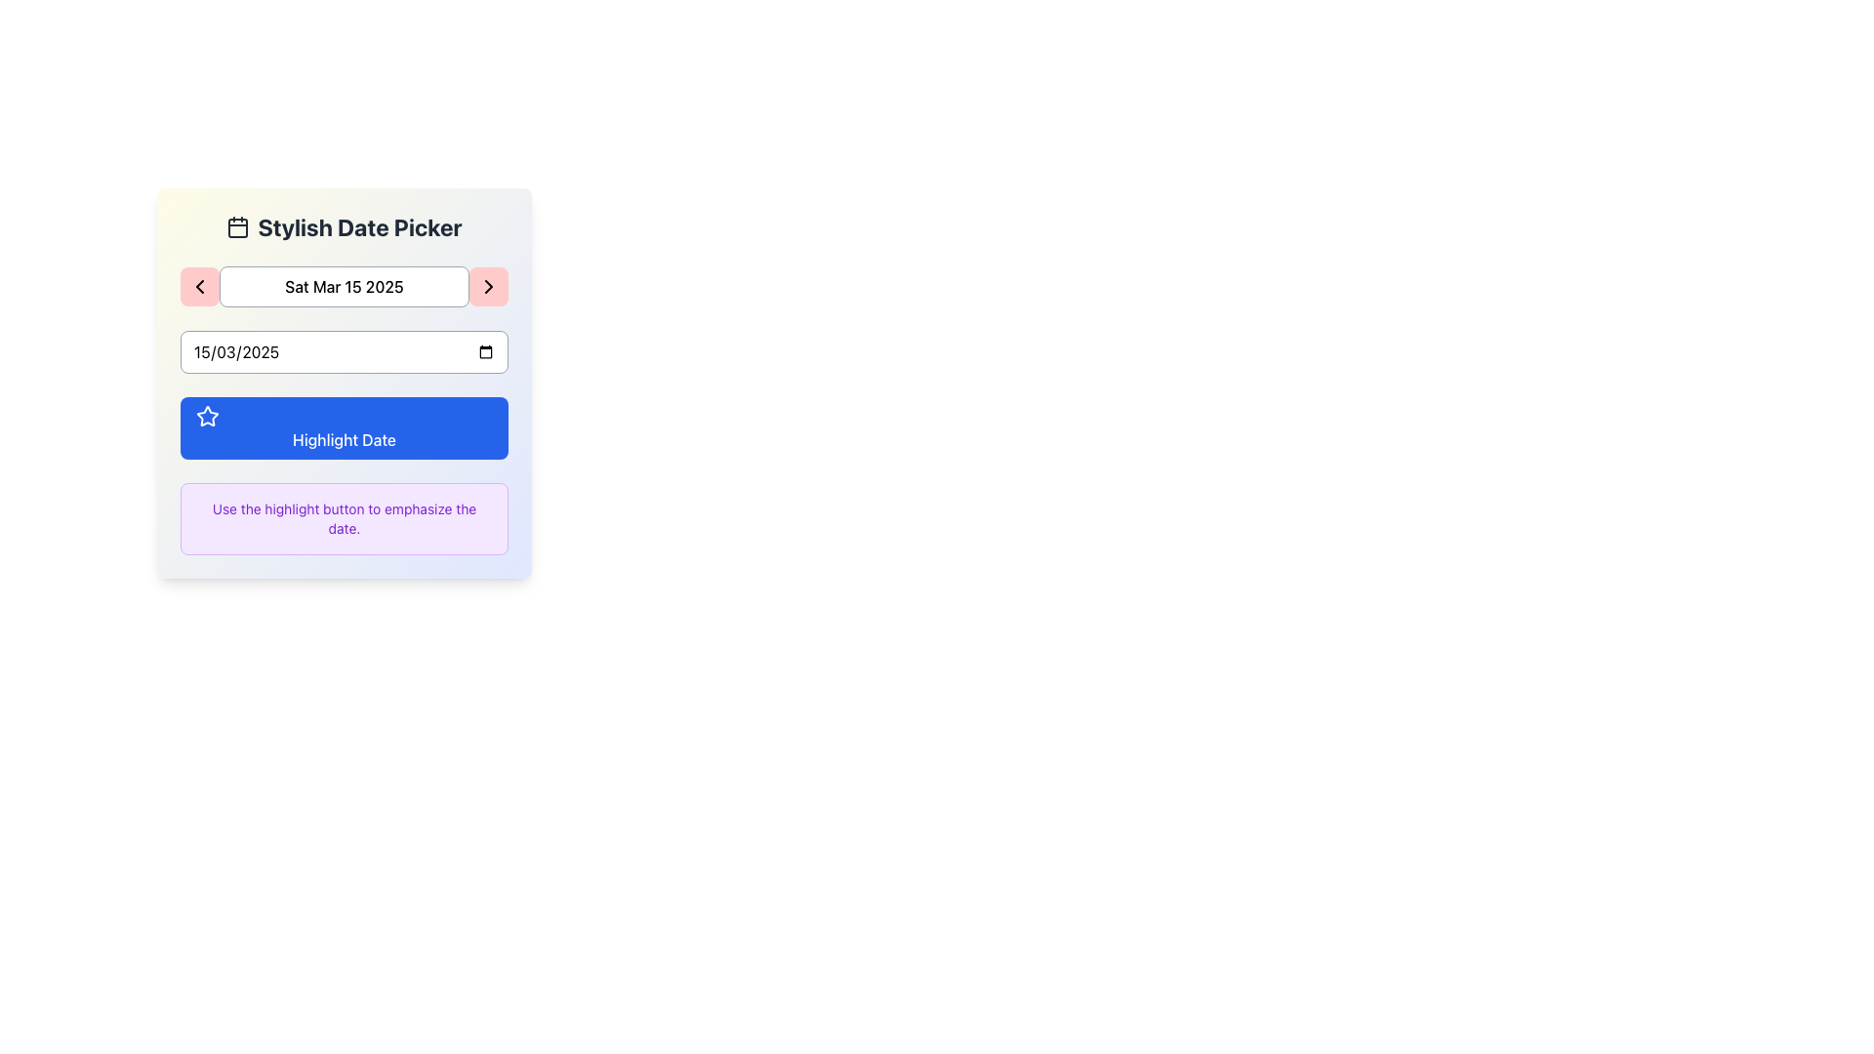  What do you see at coordinates (345, 352) in the screenshot?
I see `the rectangular date input field with rounded corners, bordered in gray, containing the value '15/03/2025'` at bounding box center [345, 352].